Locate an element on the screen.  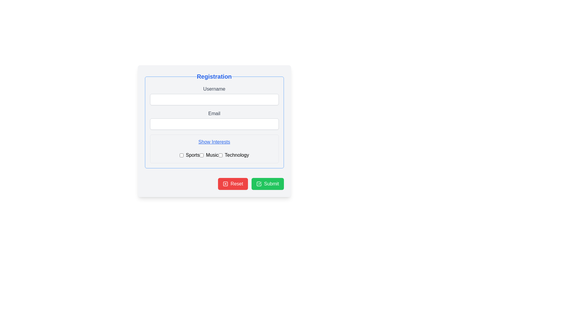
the 'Submit' text displayed within the green button at the bottom-right corner of the form interface is located at coordinates (271, 183).